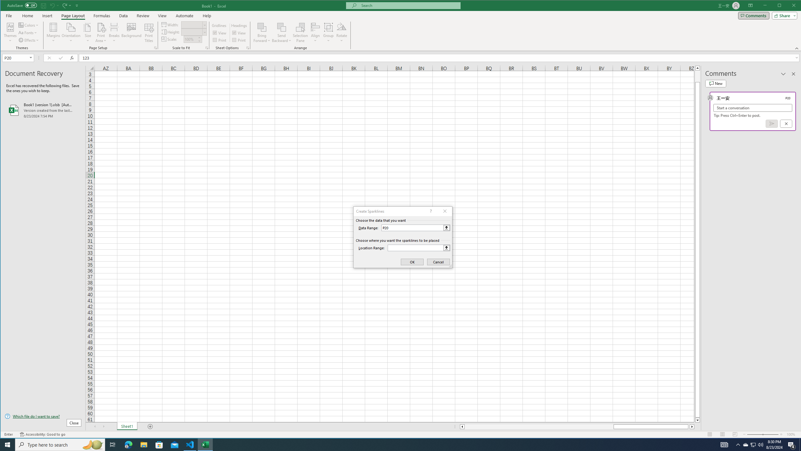  Describe the element at coordinates (10, 32) in the screenshot. I see `'Themes'` at that location.